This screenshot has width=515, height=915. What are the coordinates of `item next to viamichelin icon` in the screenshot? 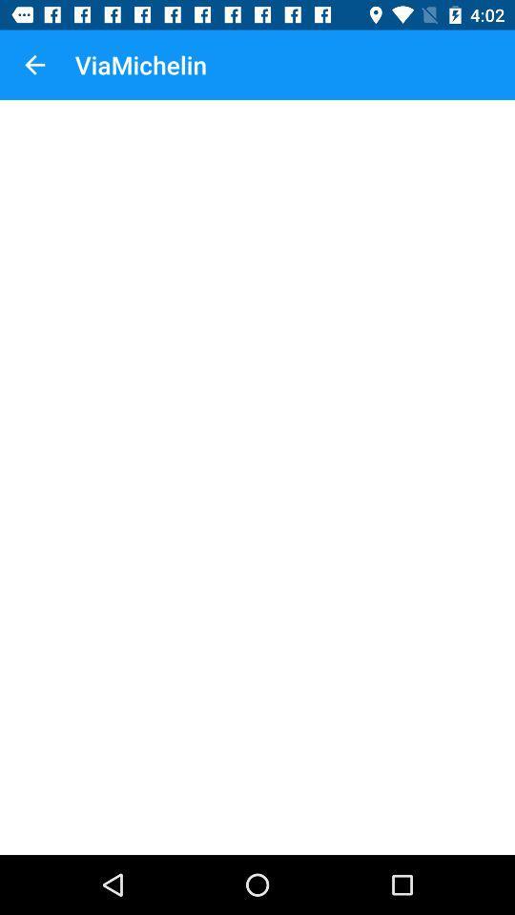 It's located at (34, 65).